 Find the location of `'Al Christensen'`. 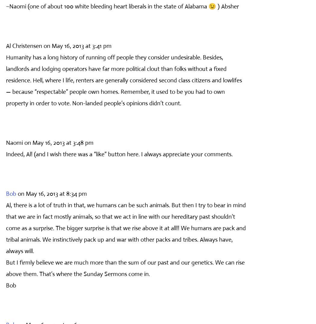

'Al Christensen' is located at coordinates (24, 45).